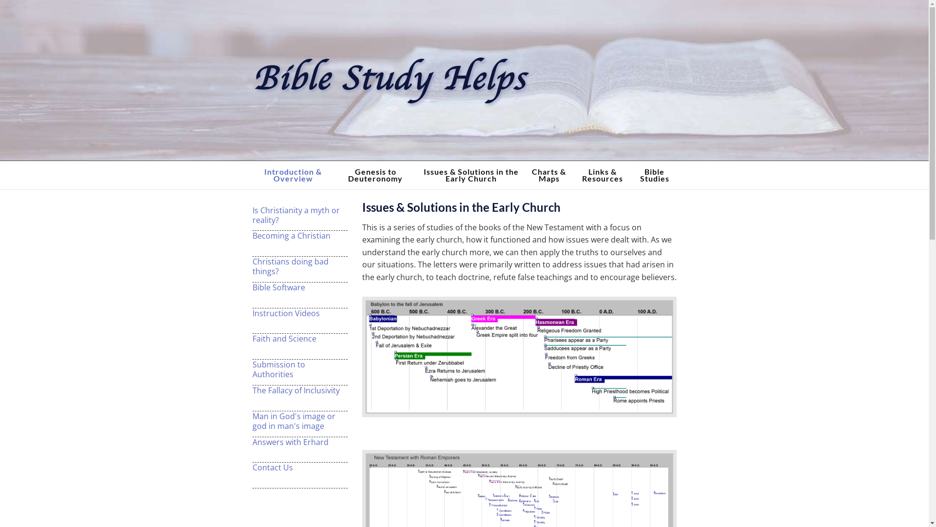 The image size is (936, 527). What do you see at coordinates (602, 174) in the screenshot?
I see `'Links & Resources'` at bounding box center [602, 174].